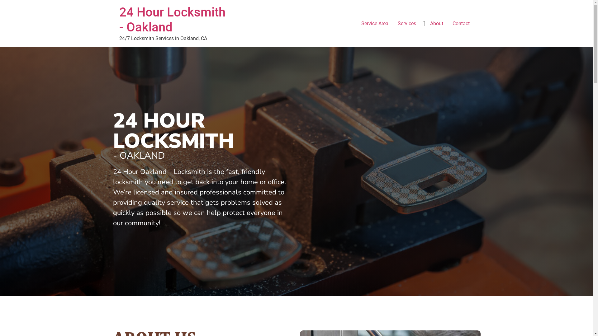  What do you see at coordinates (296, 57) in the screenshot?
I see `'Service Area'` at bounding box center [296, 57].